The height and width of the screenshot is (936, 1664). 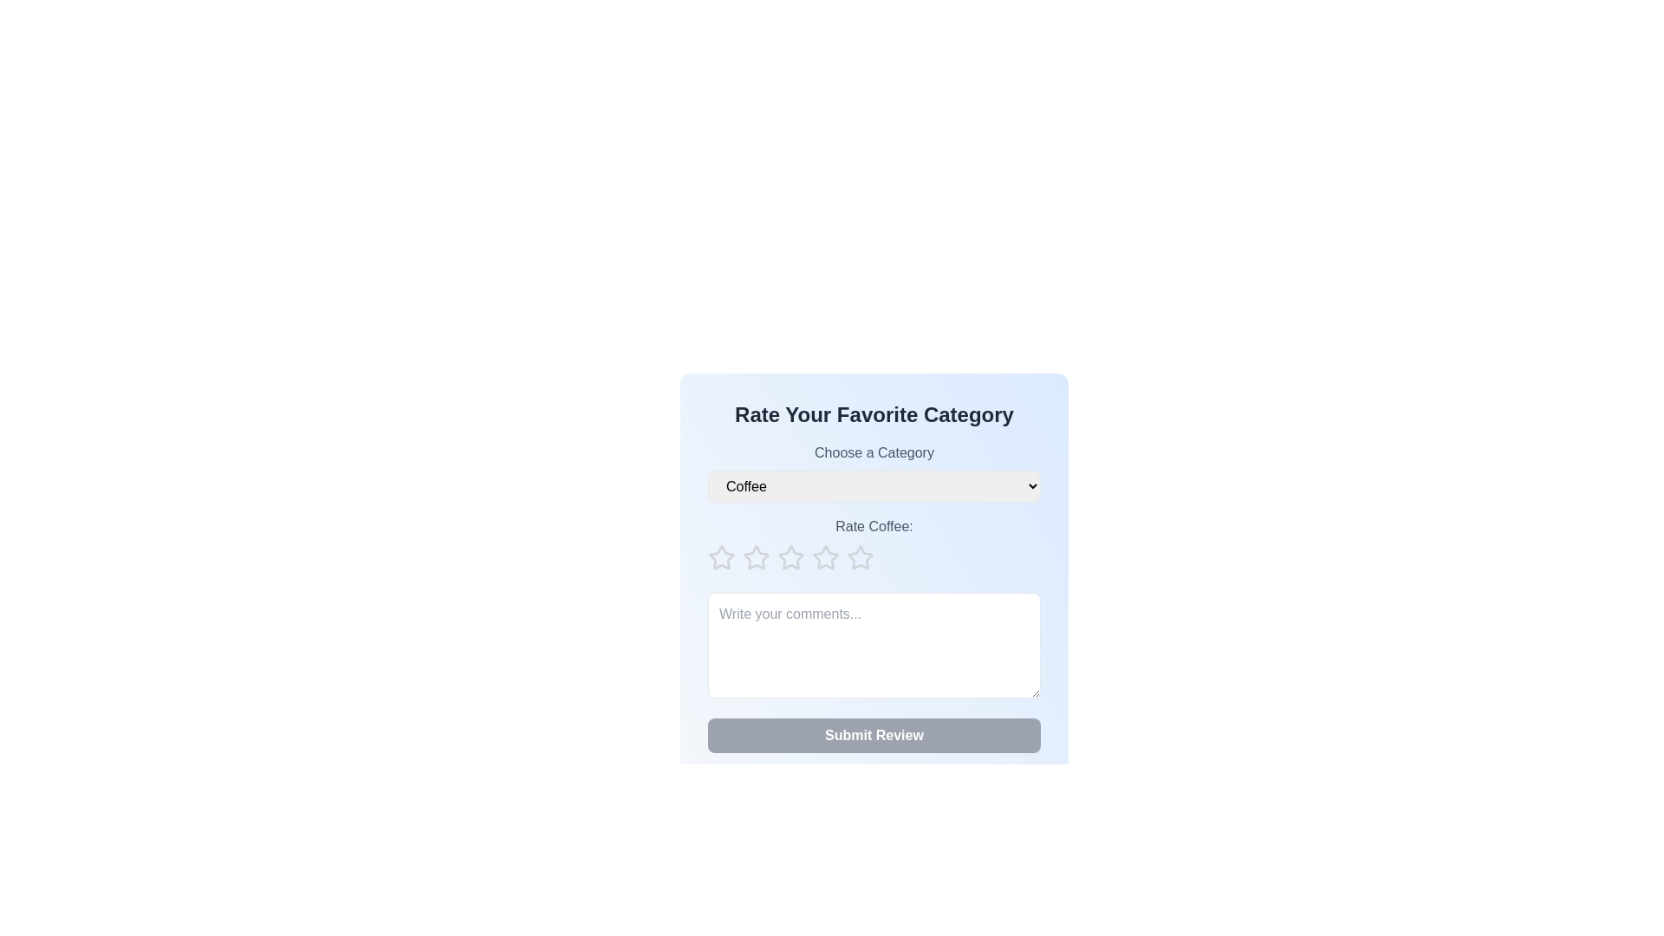 What do you see at coordinates (722, 558) in the screenshot?
I see `the first star icon in the five-star rating system, located below the 'Rate Coffee:' label` at bounding box center [722, 558].